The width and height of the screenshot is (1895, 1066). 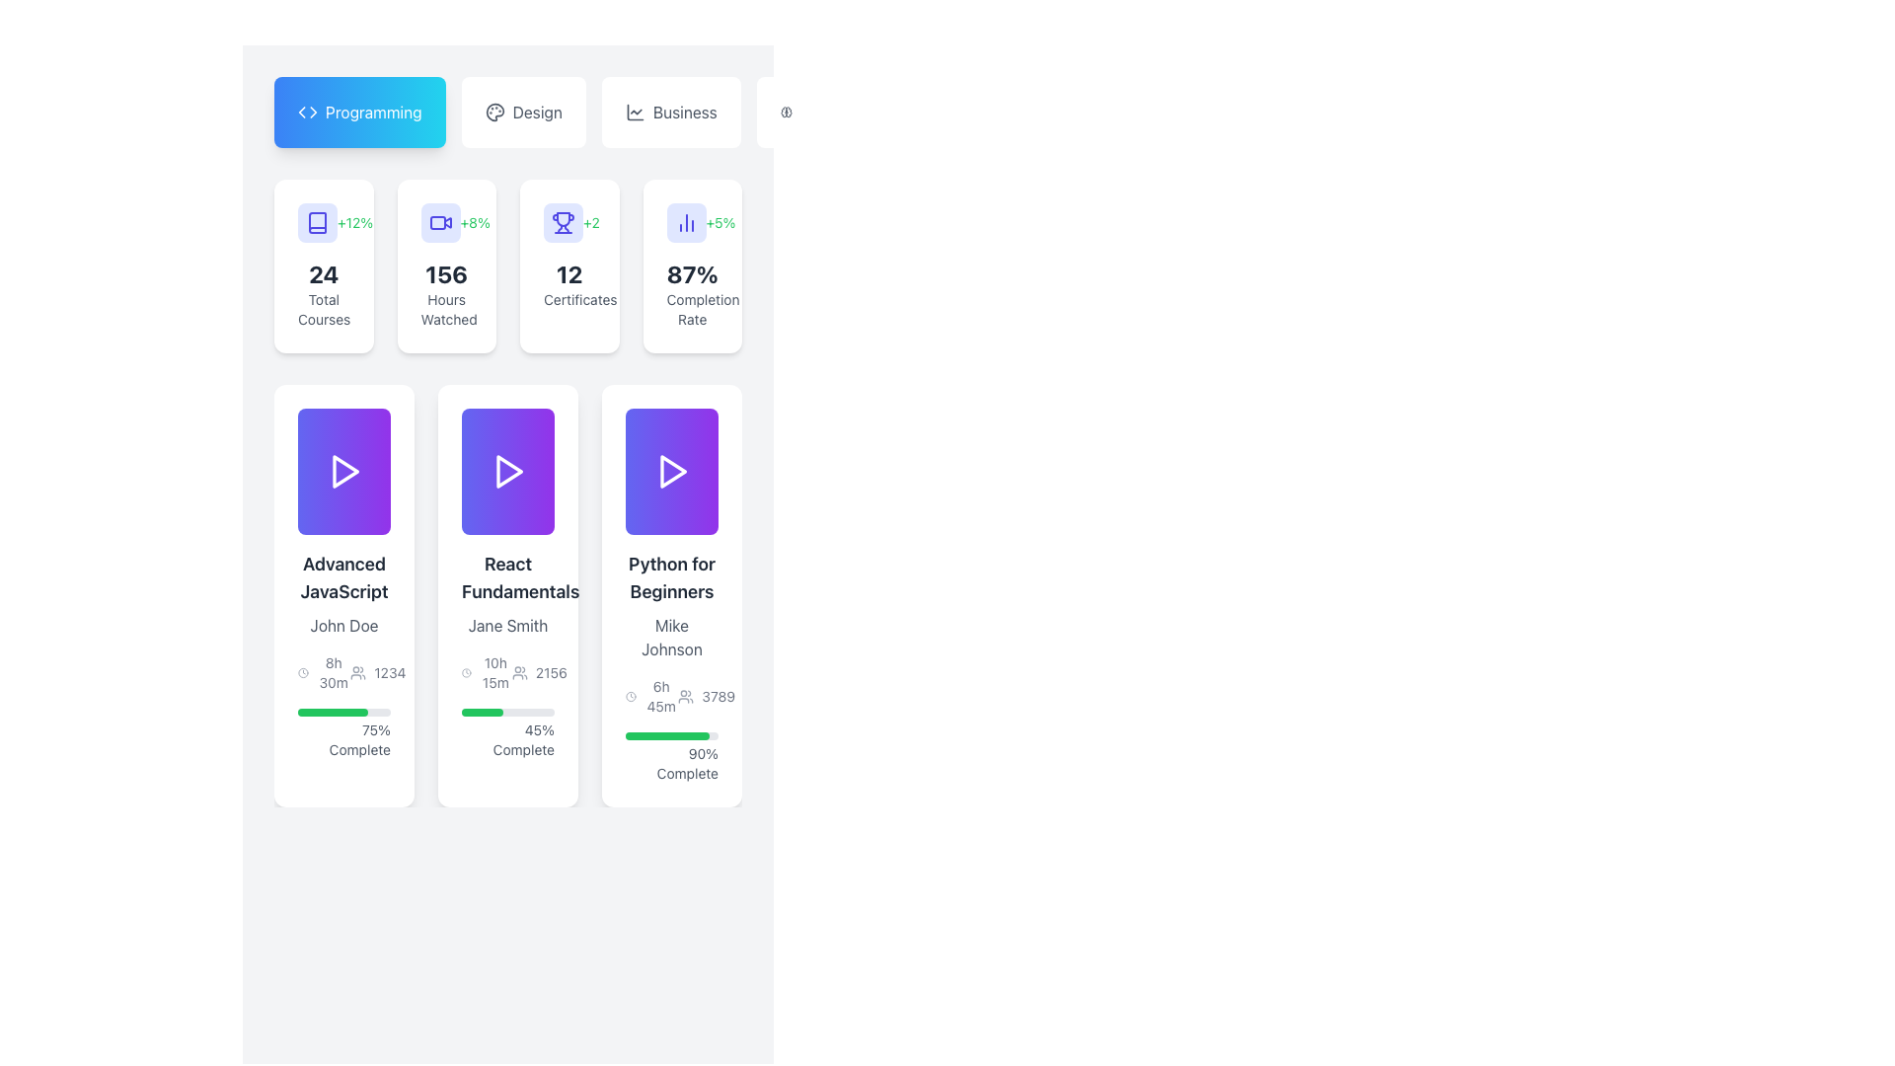 I want to click on the small, square-shaped icon within the 'Programming' button, which features a minimalistic design with two triangular arrowheads and a blue gradient background, so click(x=307, y=113).